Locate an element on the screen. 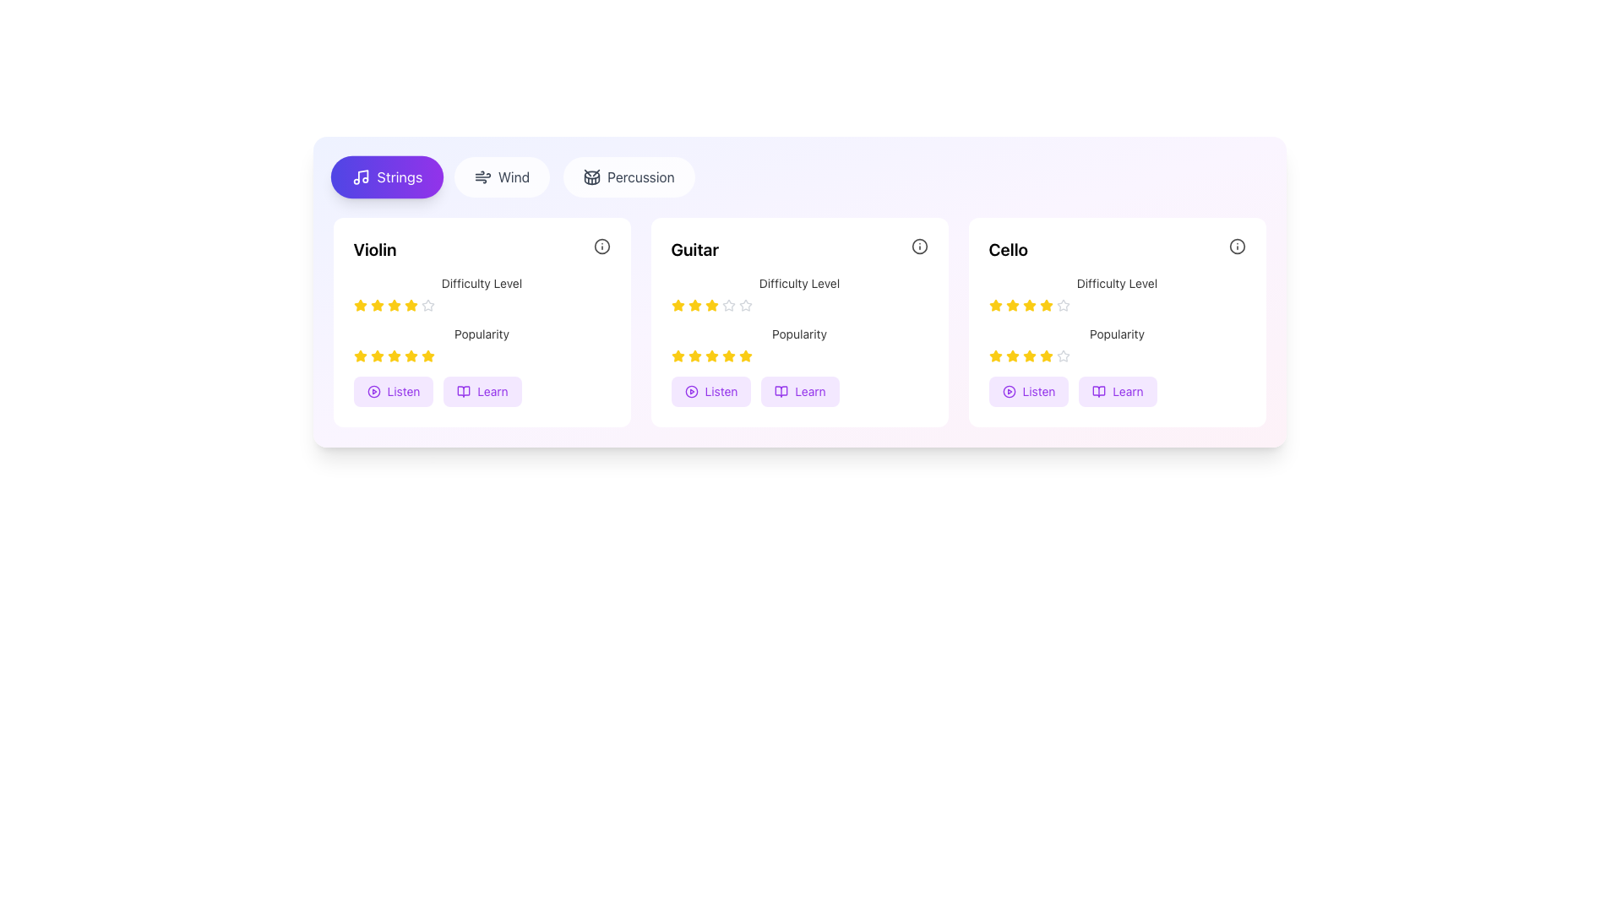  the fifth star-shaped icon representing the rating level for the 'Popularity' metric of the Guitar category is located at coordinates (711, 355).